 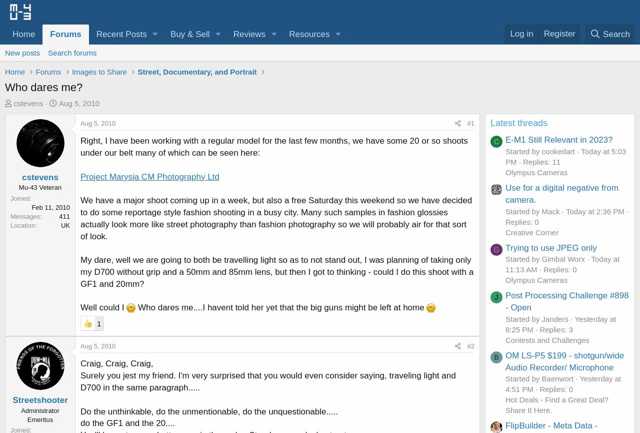 What do you see at coordinates (522, 162) in the screenshot?
I see `'Replies: 11'` at bounding box center [522, 162].